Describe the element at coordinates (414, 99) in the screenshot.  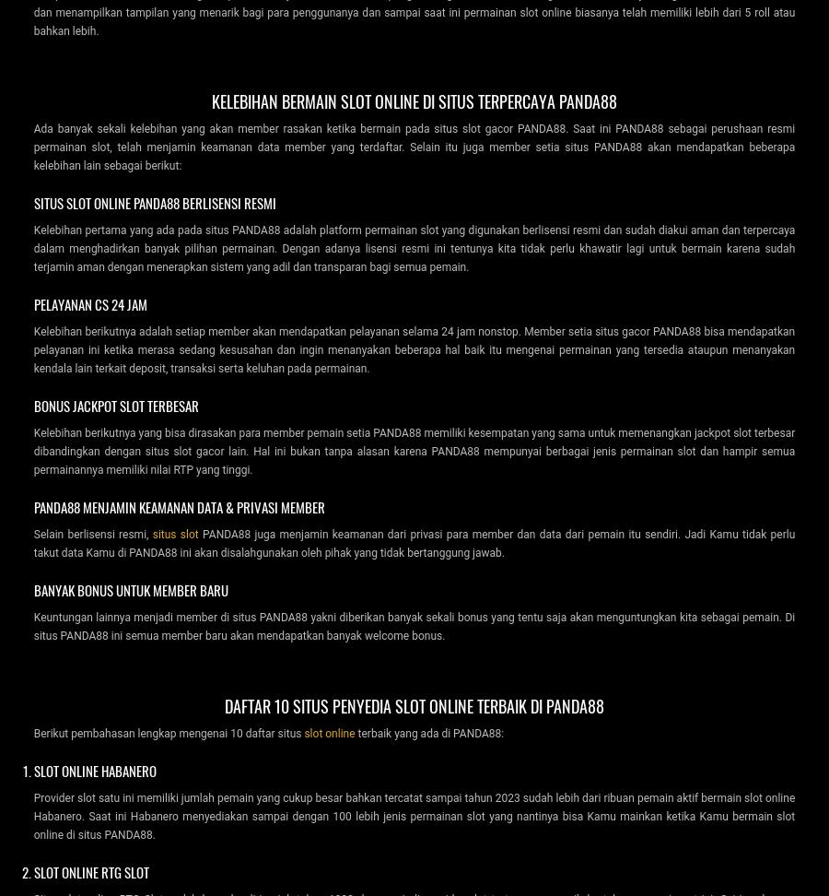
I see `'Kelebihan Bermain Slot Online di Situs Terpercaya PANDA88'` at that location.